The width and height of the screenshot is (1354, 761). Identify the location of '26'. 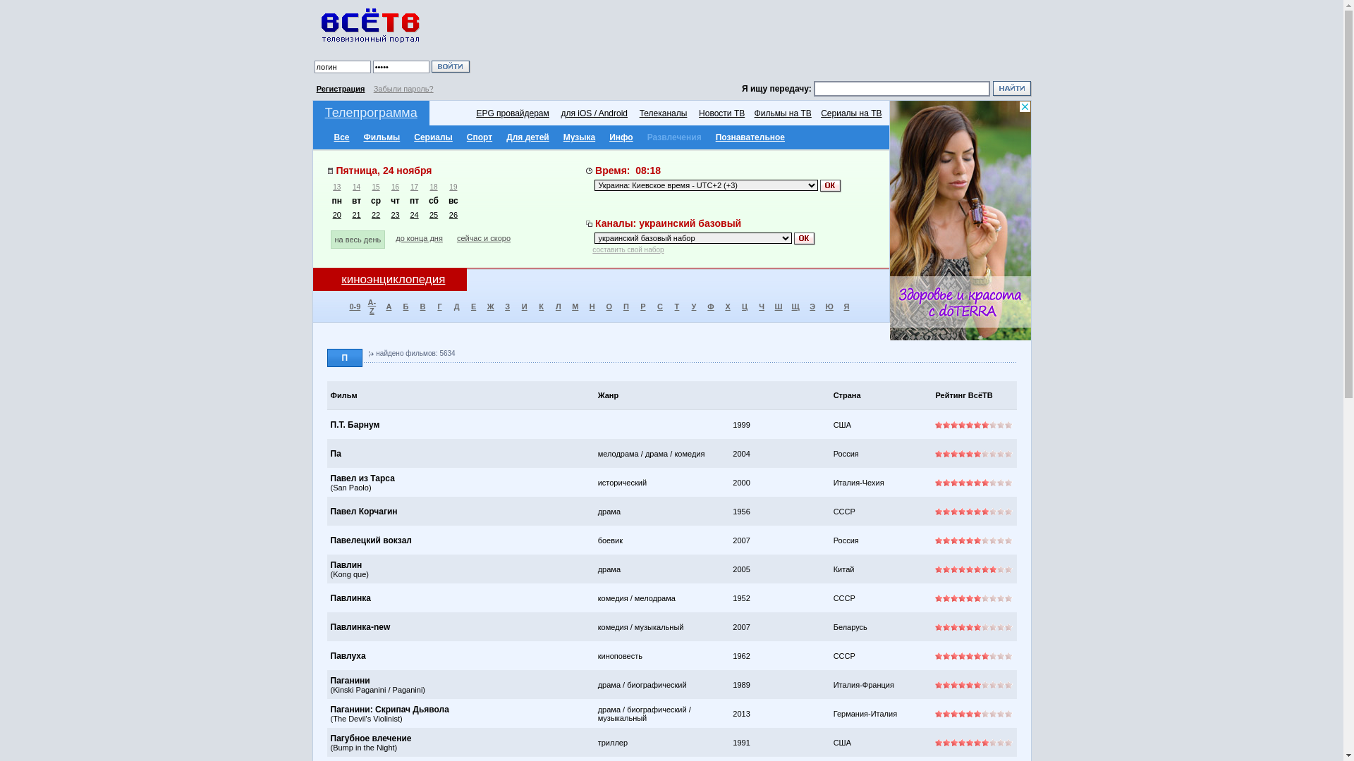
(449, 214).